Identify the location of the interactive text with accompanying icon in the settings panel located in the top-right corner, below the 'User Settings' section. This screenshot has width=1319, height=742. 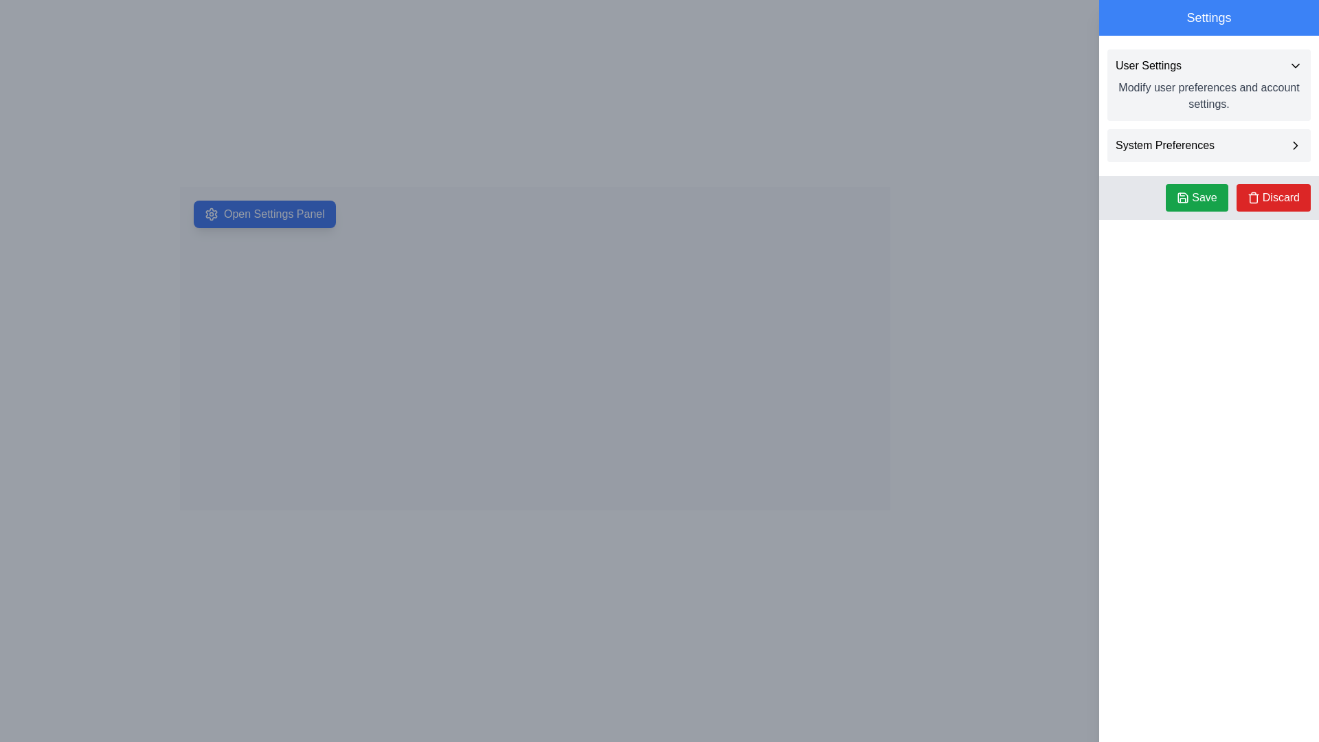
(1209, 146).